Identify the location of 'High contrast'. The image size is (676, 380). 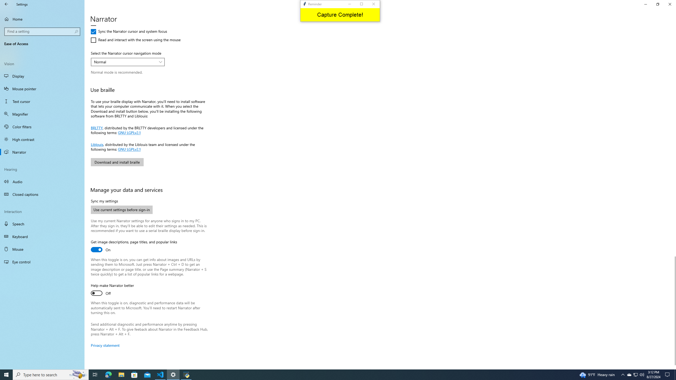
(42, 139).